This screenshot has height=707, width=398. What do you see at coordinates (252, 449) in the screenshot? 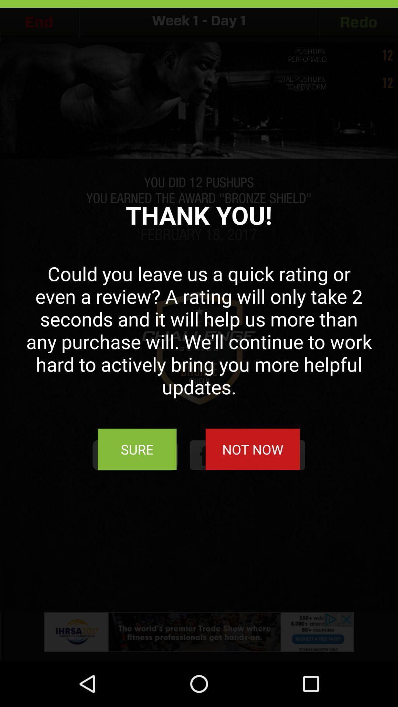
I see `the button next to the sure button` at bounding box center [252, 449].